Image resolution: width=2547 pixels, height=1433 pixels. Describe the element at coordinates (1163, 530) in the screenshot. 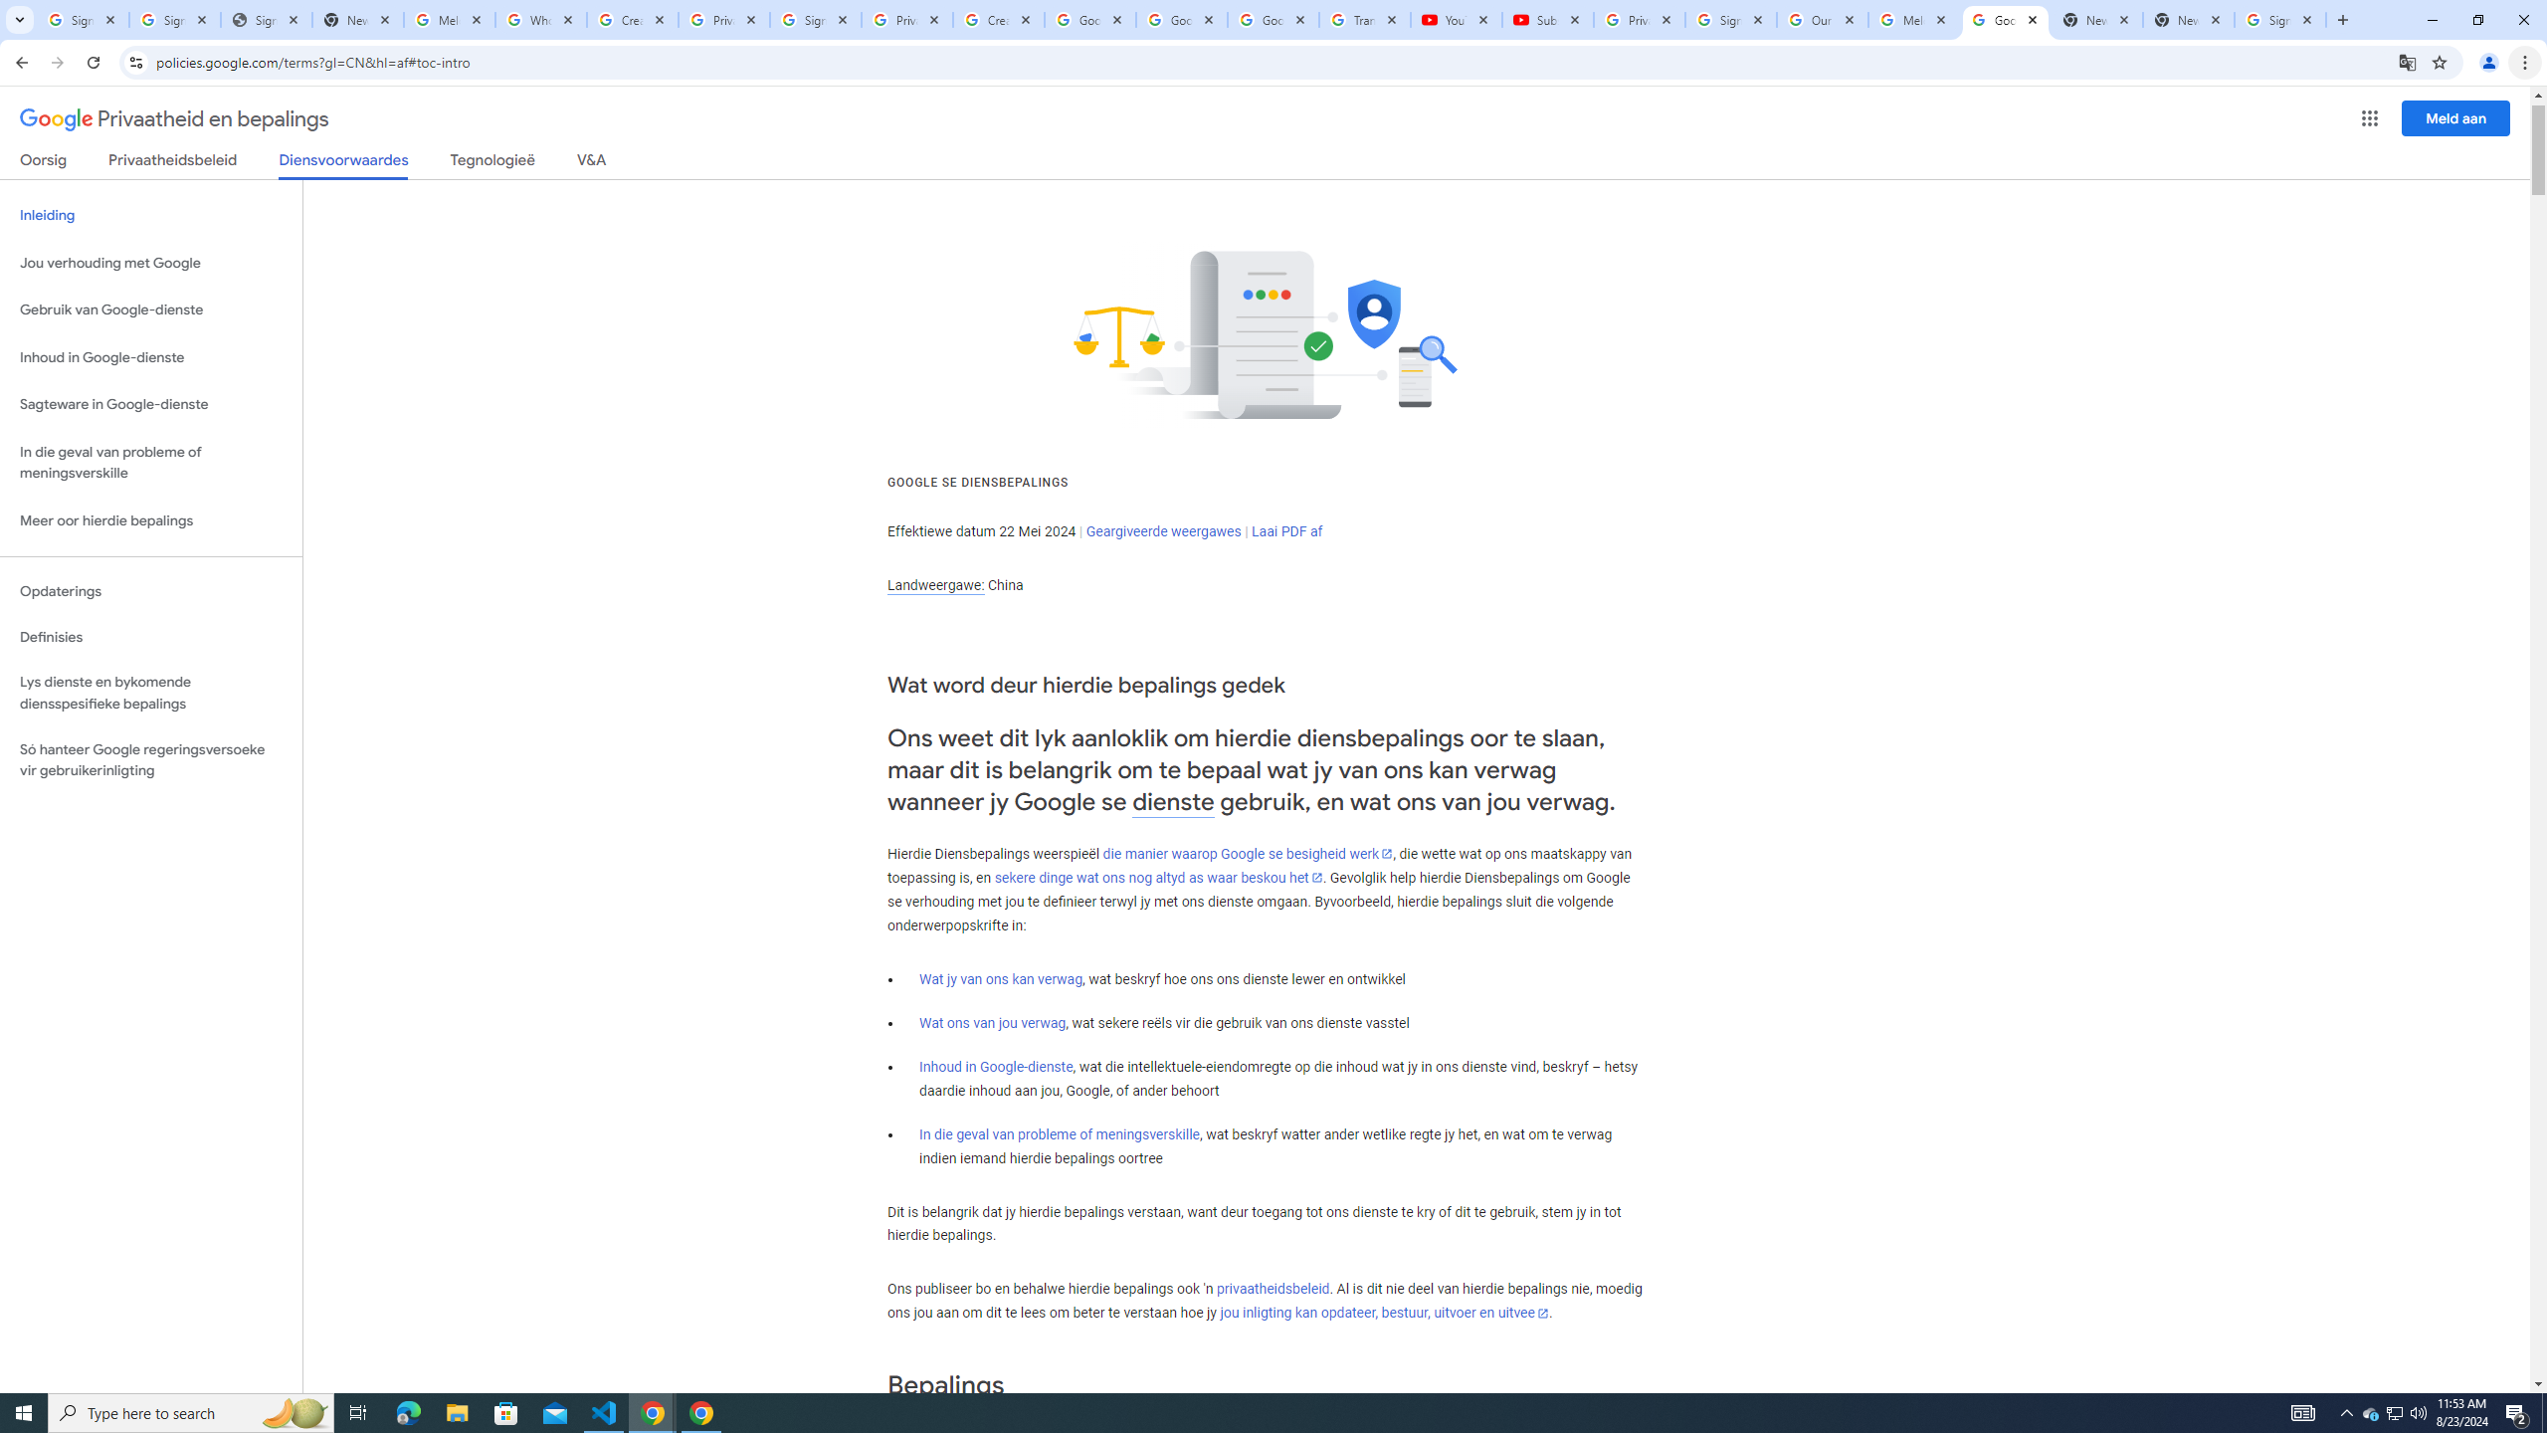

I see `'Geargiveerde weergawes'` at that location.